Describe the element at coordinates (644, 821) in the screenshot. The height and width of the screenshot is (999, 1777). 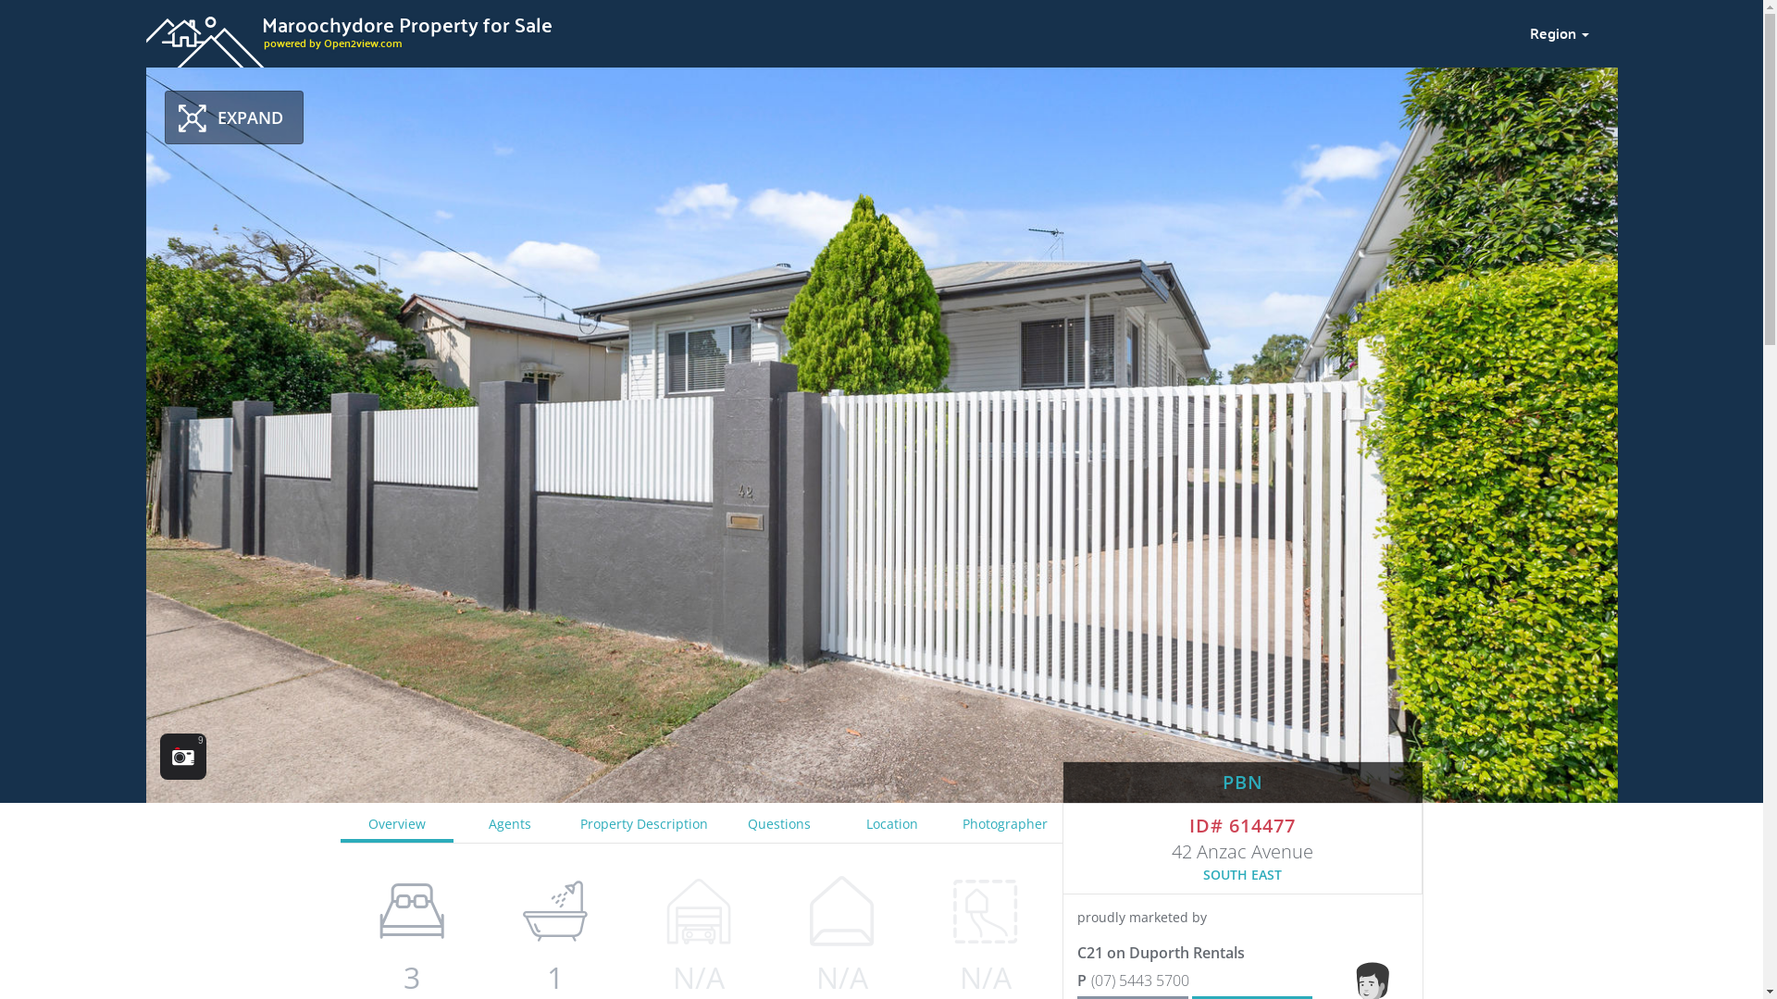
I see `'Property Description'` at that location.